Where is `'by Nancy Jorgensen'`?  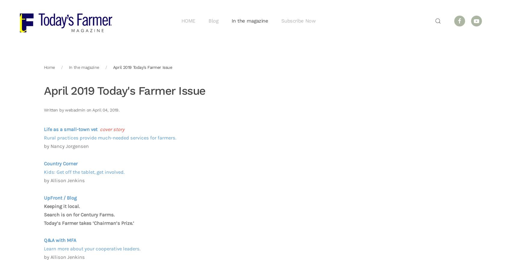 'by Nancy Jorgensen' is located at coordinates (66, 146).